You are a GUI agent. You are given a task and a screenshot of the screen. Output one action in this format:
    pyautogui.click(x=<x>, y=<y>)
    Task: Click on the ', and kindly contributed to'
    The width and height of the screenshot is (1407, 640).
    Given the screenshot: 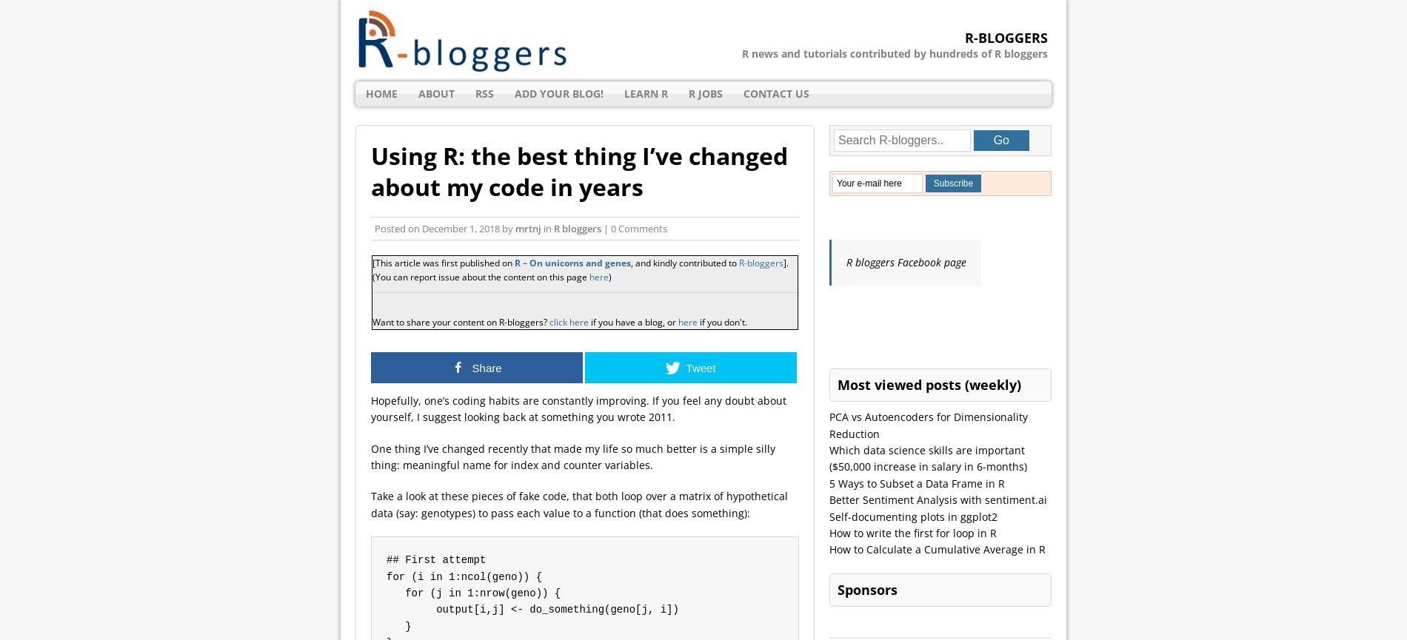 What is the action you would take?
    pyautogui.click(x=684, y=263)
    